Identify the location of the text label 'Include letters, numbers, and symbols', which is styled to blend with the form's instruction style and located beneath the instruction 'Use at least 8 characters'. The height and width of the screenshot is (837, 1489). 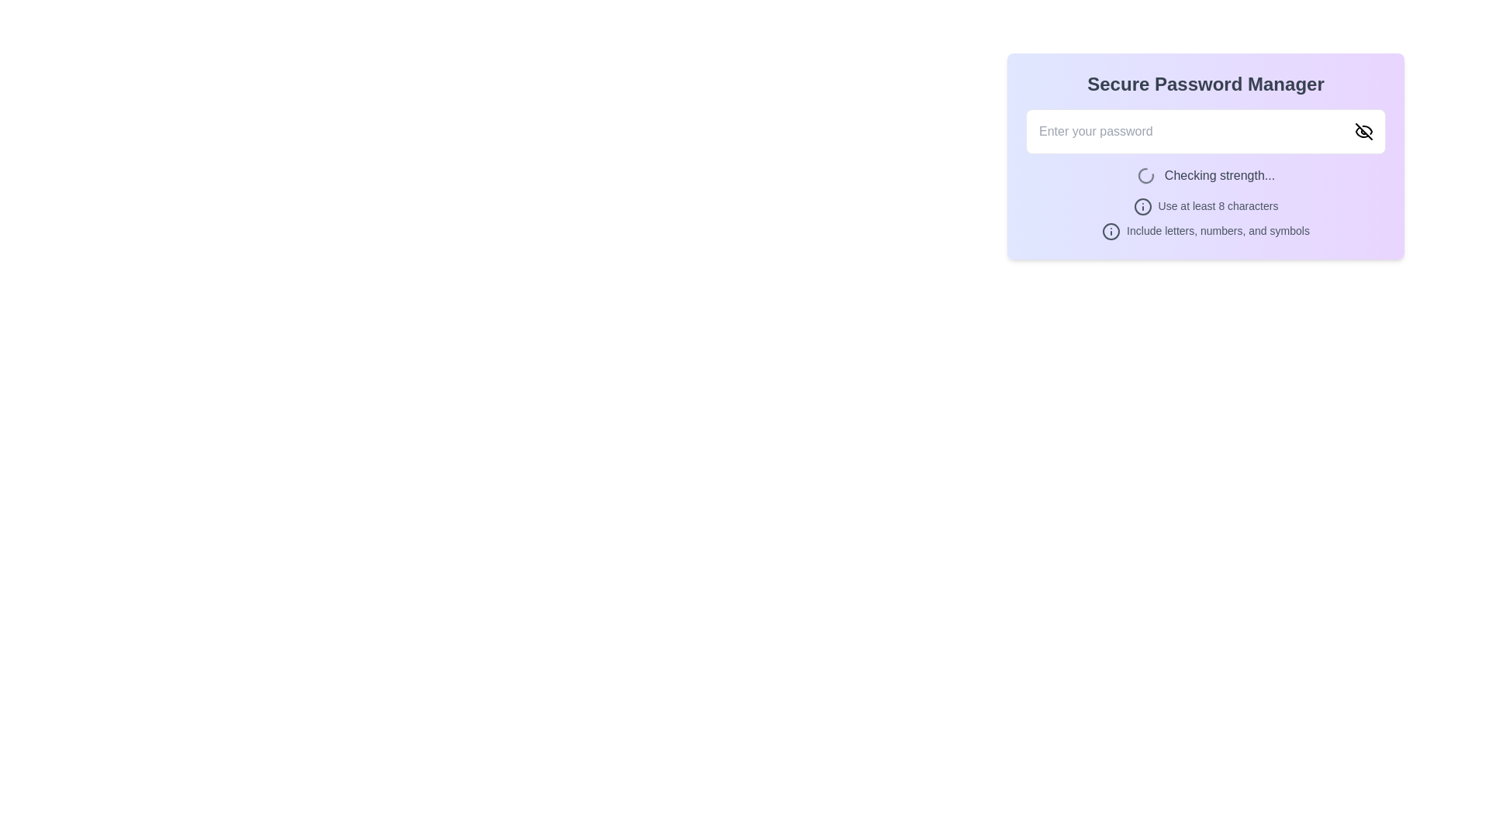
(1205, 232).